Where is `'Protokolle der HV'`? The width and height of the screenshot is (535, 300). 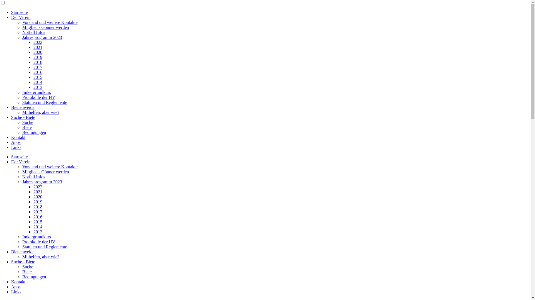
'Protokolle der HV' is located at coordinates (38, 241).